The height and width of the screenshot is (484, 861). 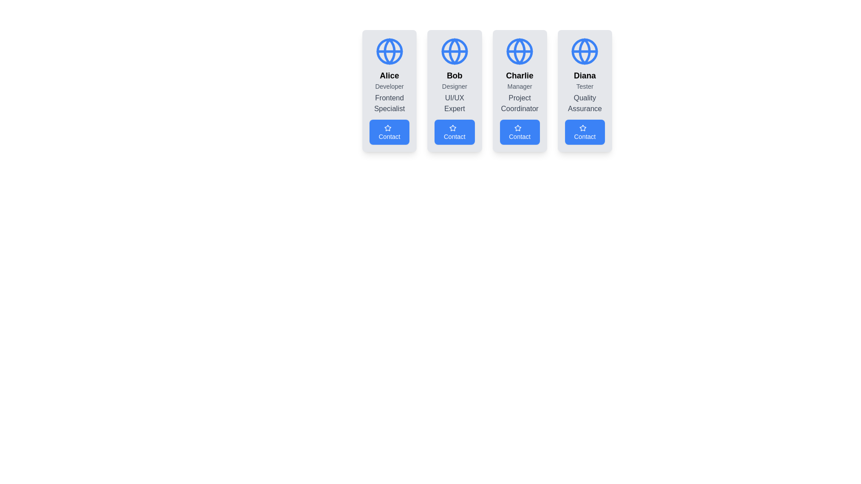 I want to click on the text field indicating the role or designation of the person in the profile card for 'Alice', located between the name and the description 'Frontend Specialist', so click(x=389, y=86).